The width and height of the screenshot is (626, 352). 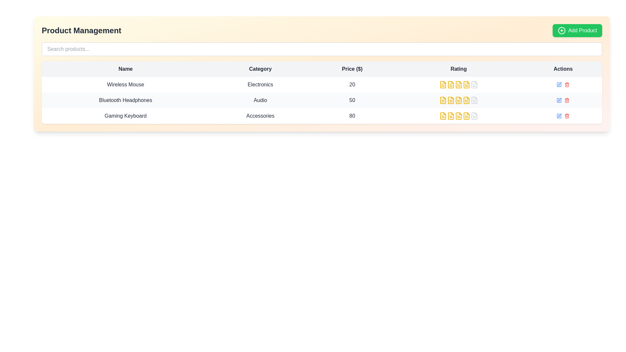 I want to click on the text label displaying the numeric value '50' located in the second row under the 'Price ($)' column, adjacent to the 'Audio' value in the 'Category' column and 'Rating' on its right, so click(x=352, y=100).